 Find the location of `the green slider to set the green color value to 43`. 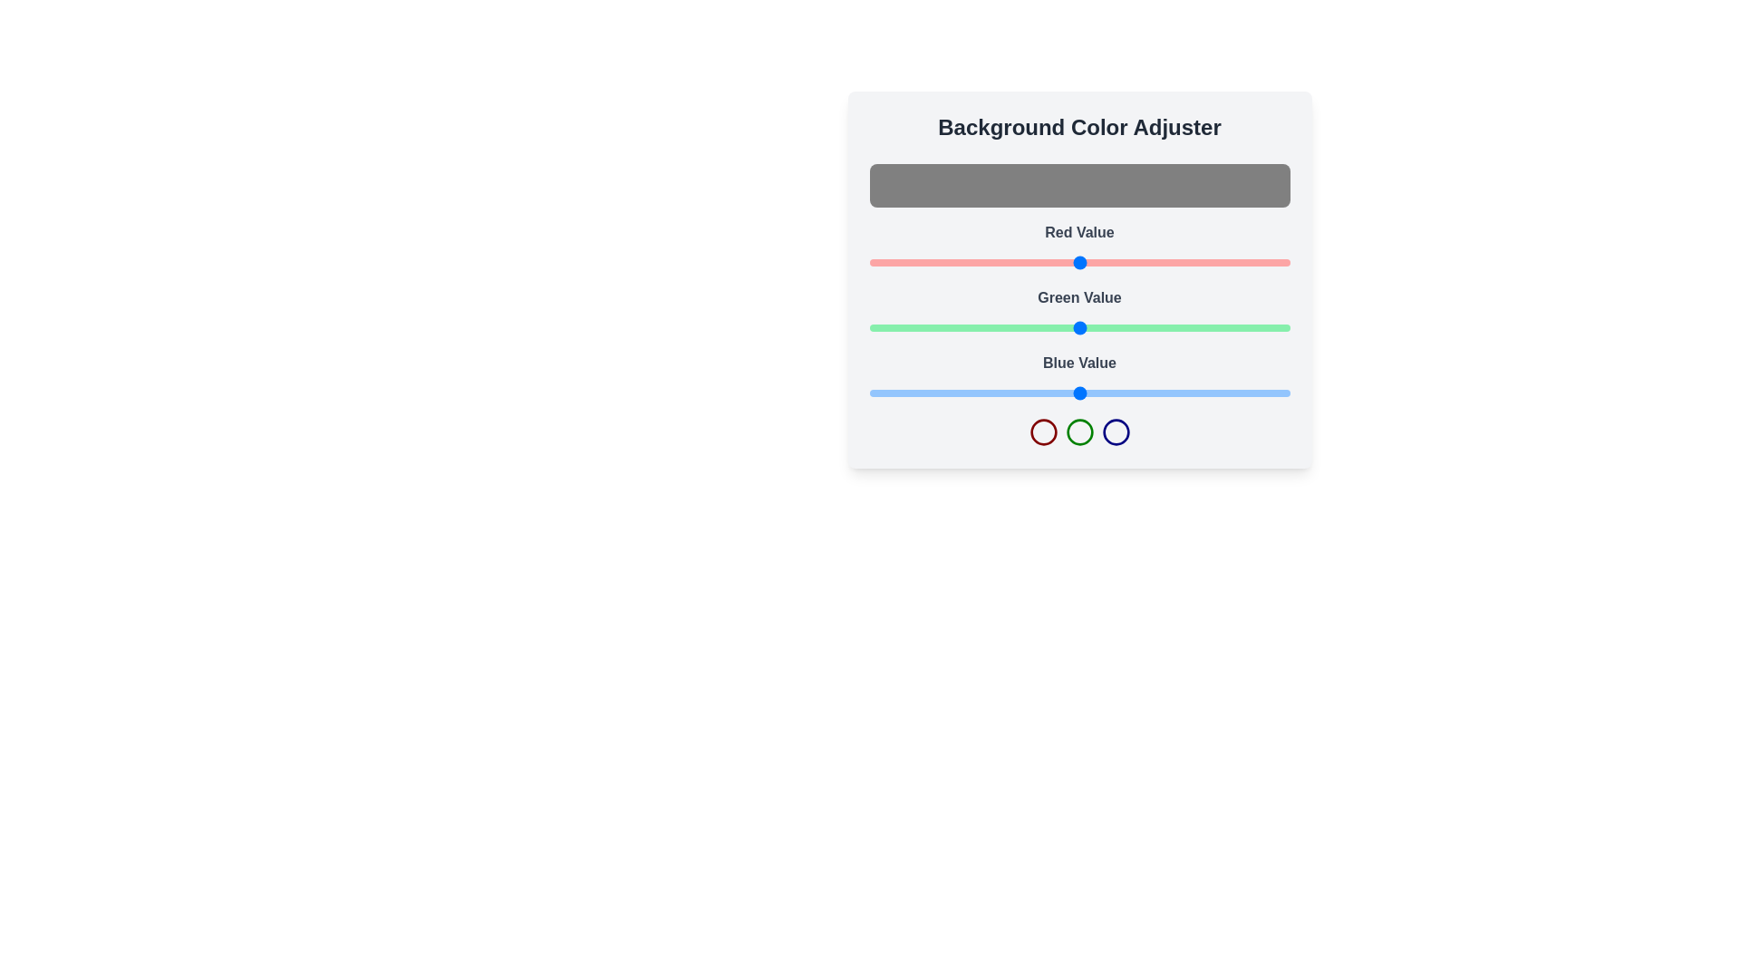

the green slider to set the green color value to 43 is located at coordinates (940, 328).